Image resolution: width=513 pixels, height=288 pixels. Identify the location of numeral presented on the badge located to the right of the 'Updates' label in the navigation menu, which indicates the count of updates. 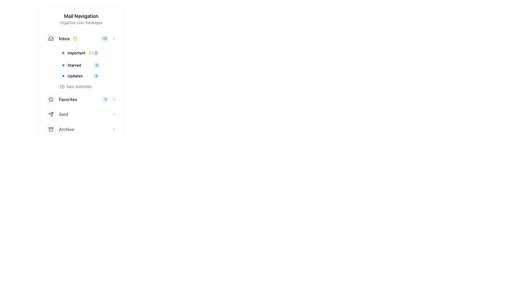
(96, 76).